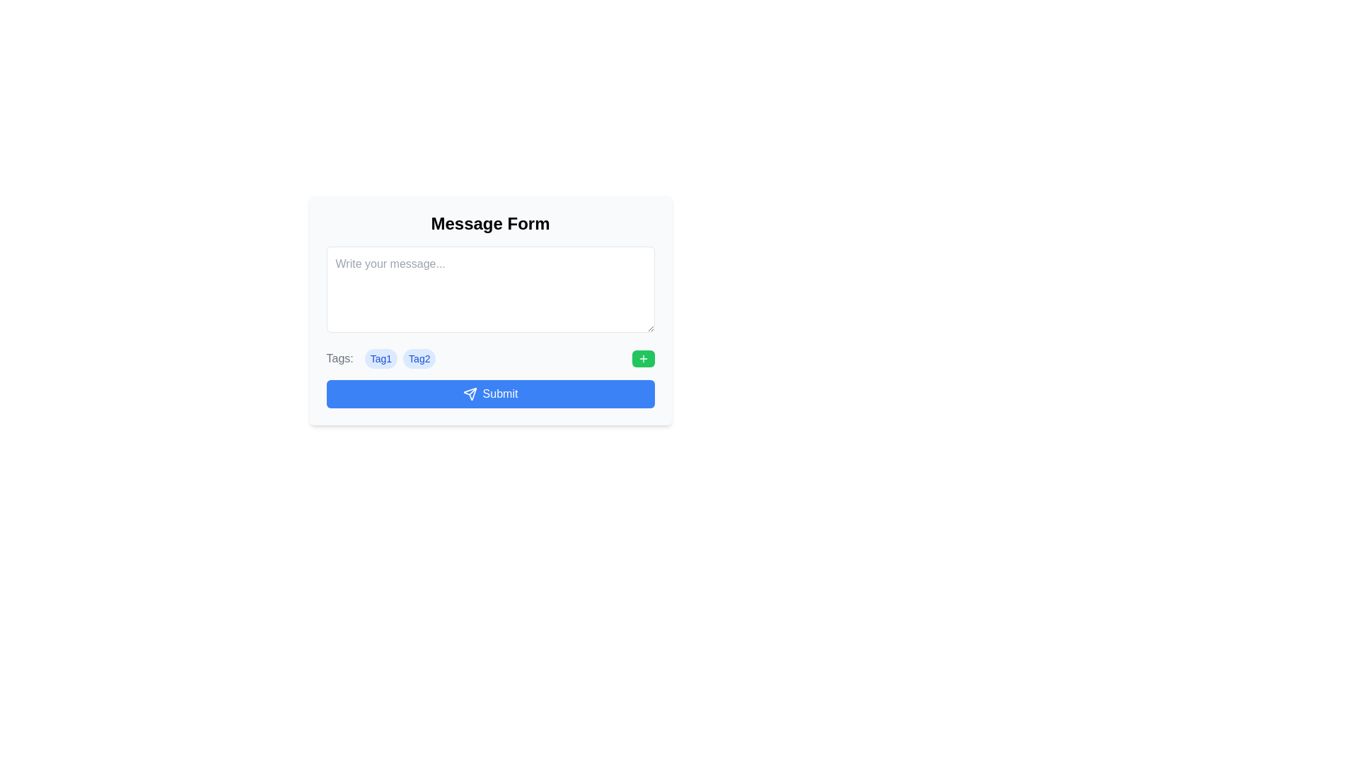  I want to click on the 'send' icon, which is styled as a paper airplane outline located to the left of the 'Submit' button text, so click(470, 394).